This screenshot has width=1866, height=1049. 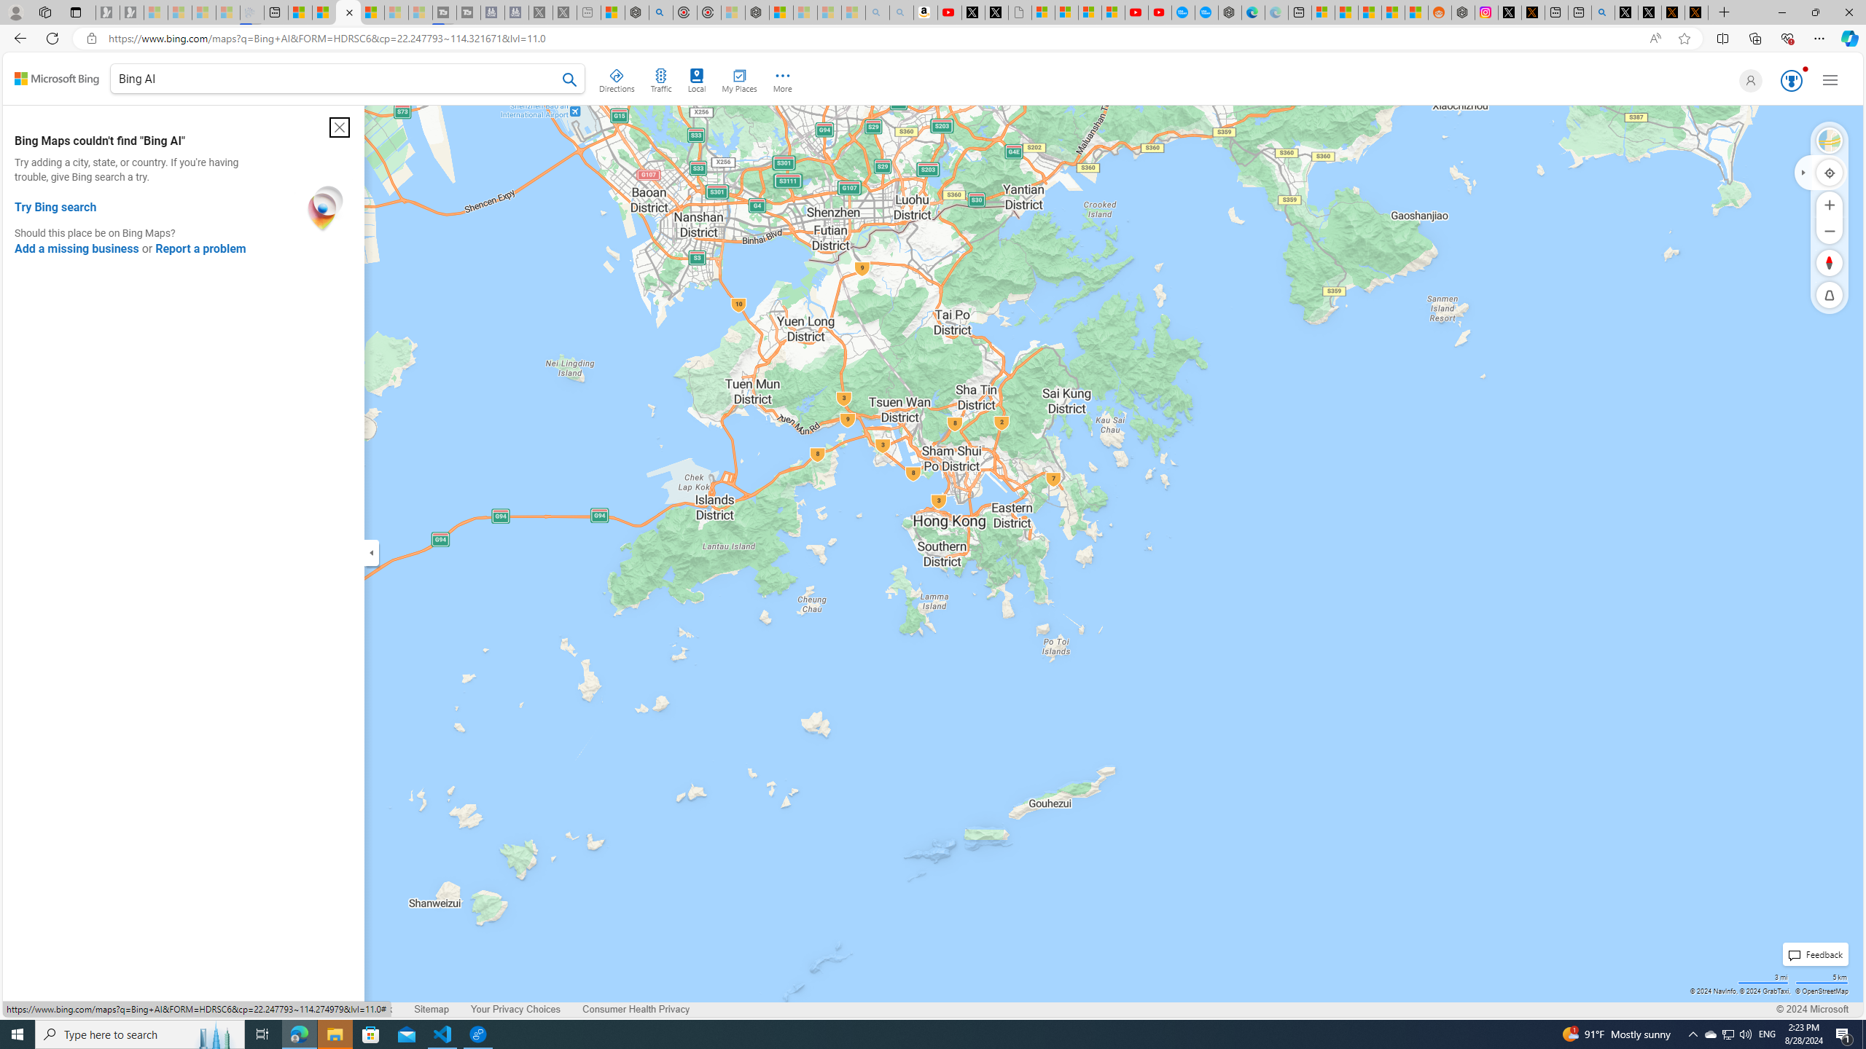 What do you see at coordinates (781, 78) in the screenshot?
I see `'More'` at bounding box center [781, 78].